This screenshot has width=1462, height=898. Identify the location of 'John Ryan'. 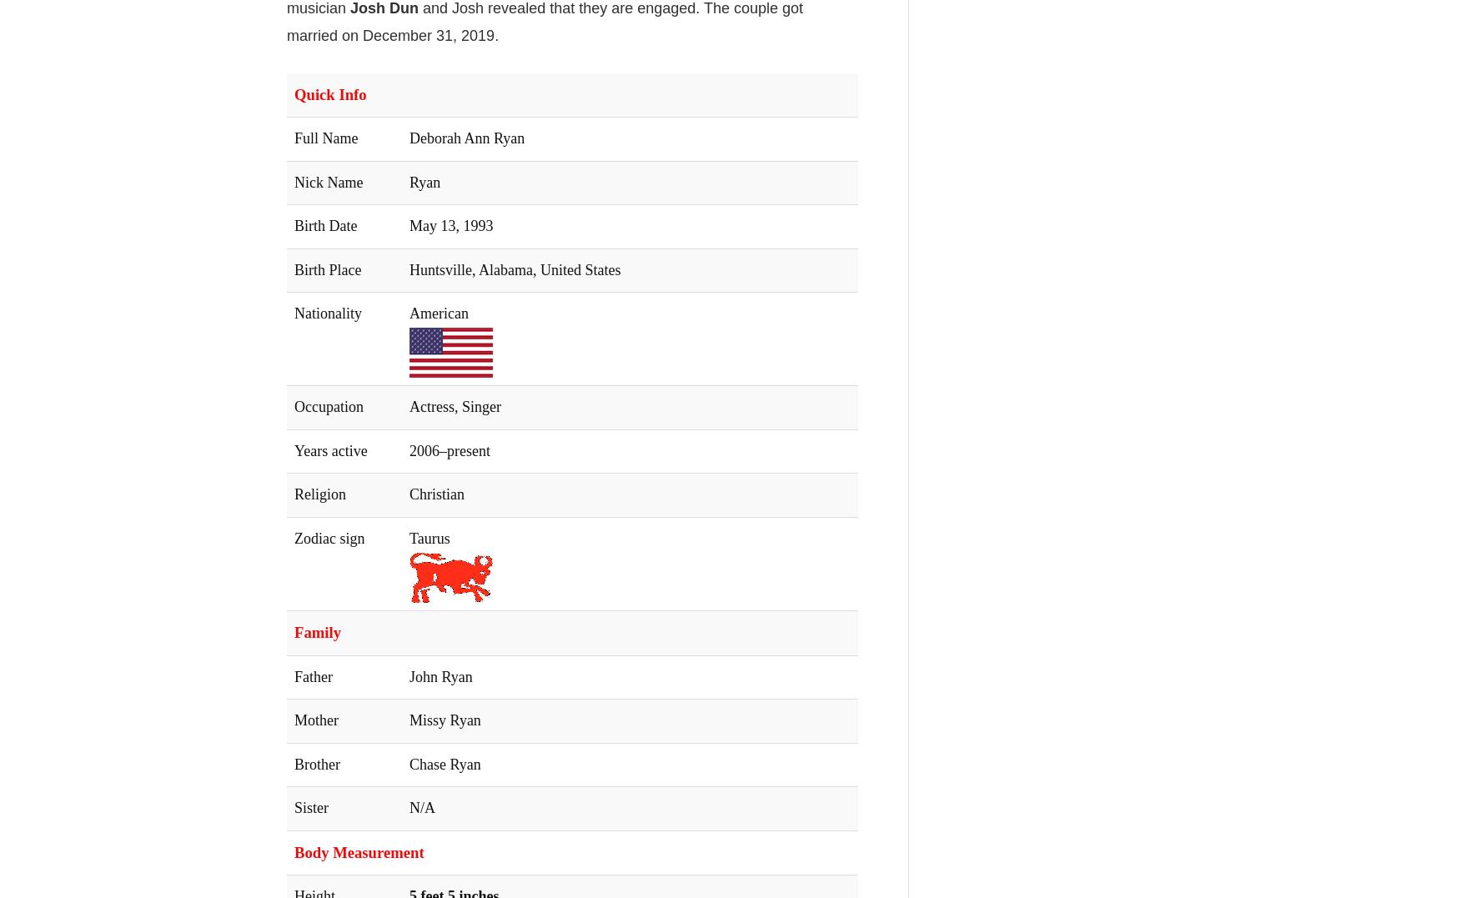
(440, 675).